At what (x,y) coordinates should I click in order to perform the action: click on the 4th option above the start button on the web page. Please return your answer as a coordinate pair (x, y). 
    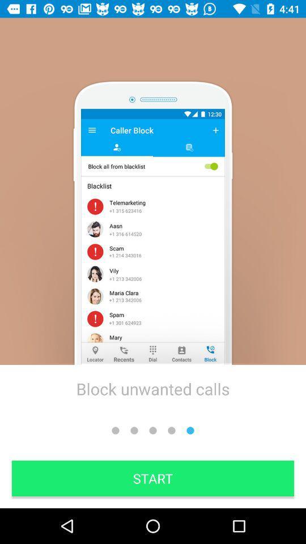
    Looking at the image, I should click on (171, 430).